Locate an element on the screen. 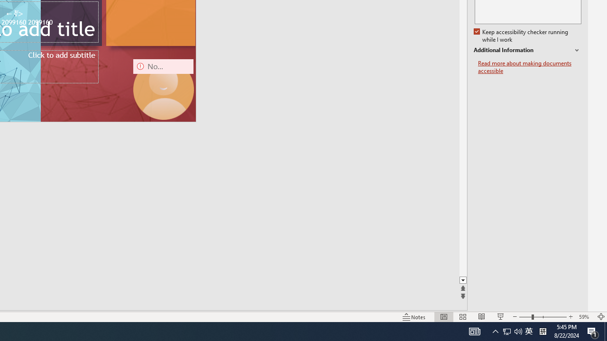 The height and width of the screenshot is (341, 607). 'TextBox 7' is located at coordinates (14, 14).